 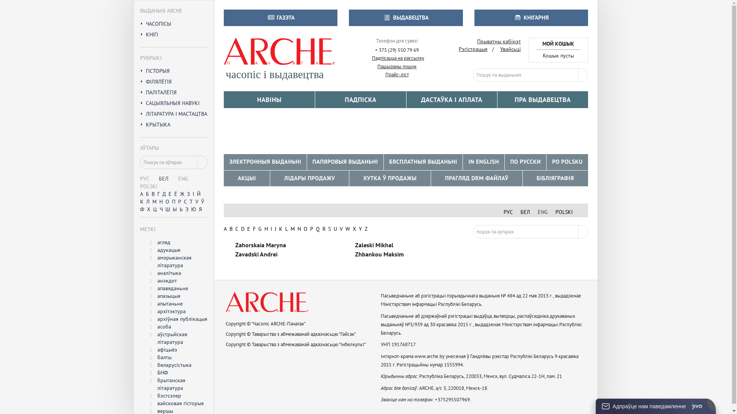 I want to click on 'Zaleski Mikhal', so click(x=374, y=245).